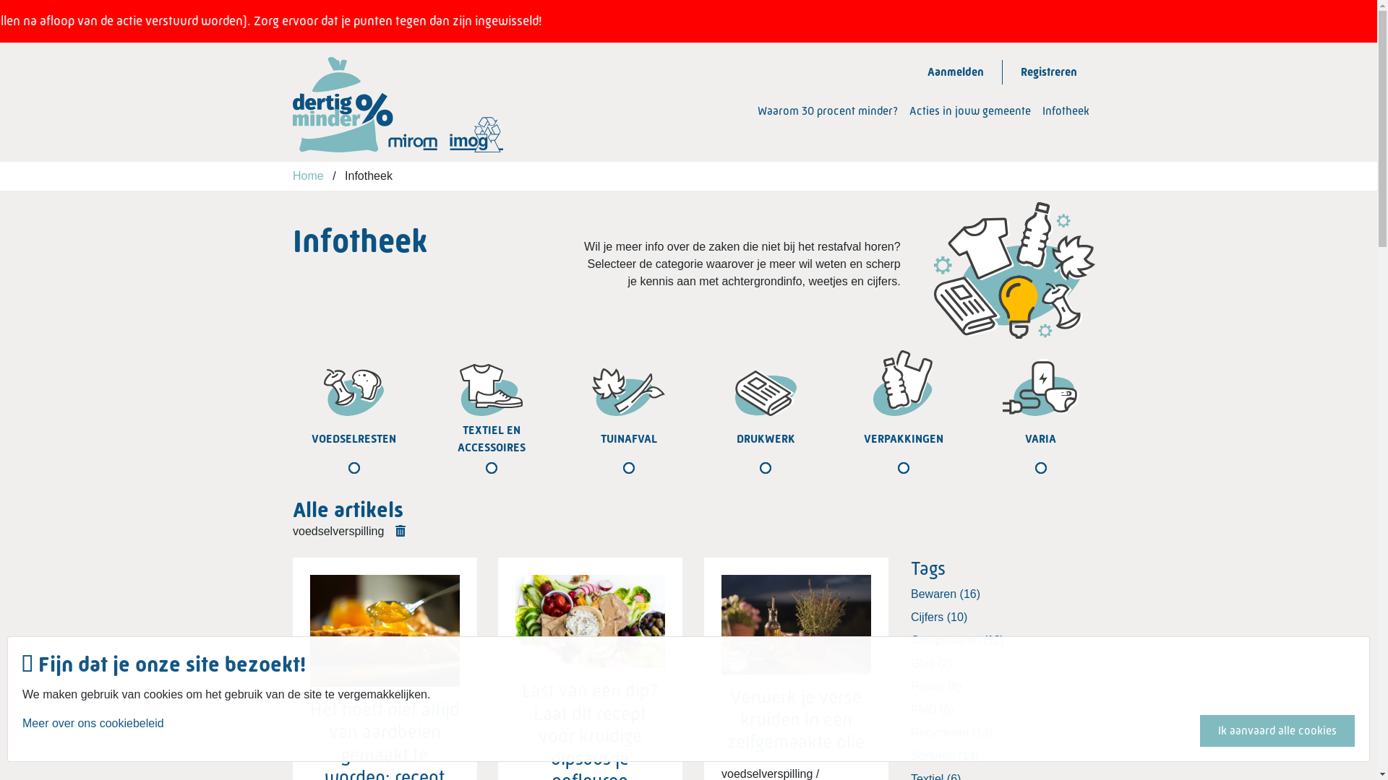  I want to click on 'Aanmelden', so click(908, 72).